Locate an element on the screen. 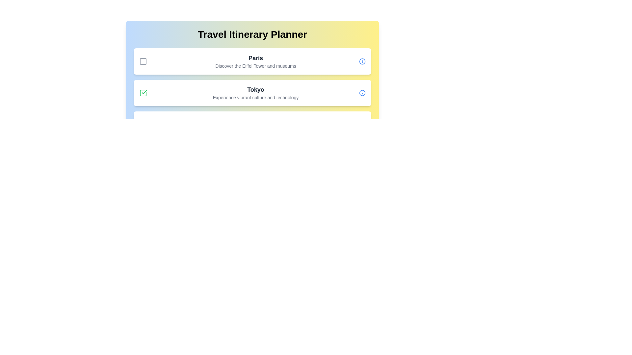  the informational icon located at the far right of the card featuring the text 'Tokyo', aligned vertically with the center of the text is located at coordinates (362, 93).